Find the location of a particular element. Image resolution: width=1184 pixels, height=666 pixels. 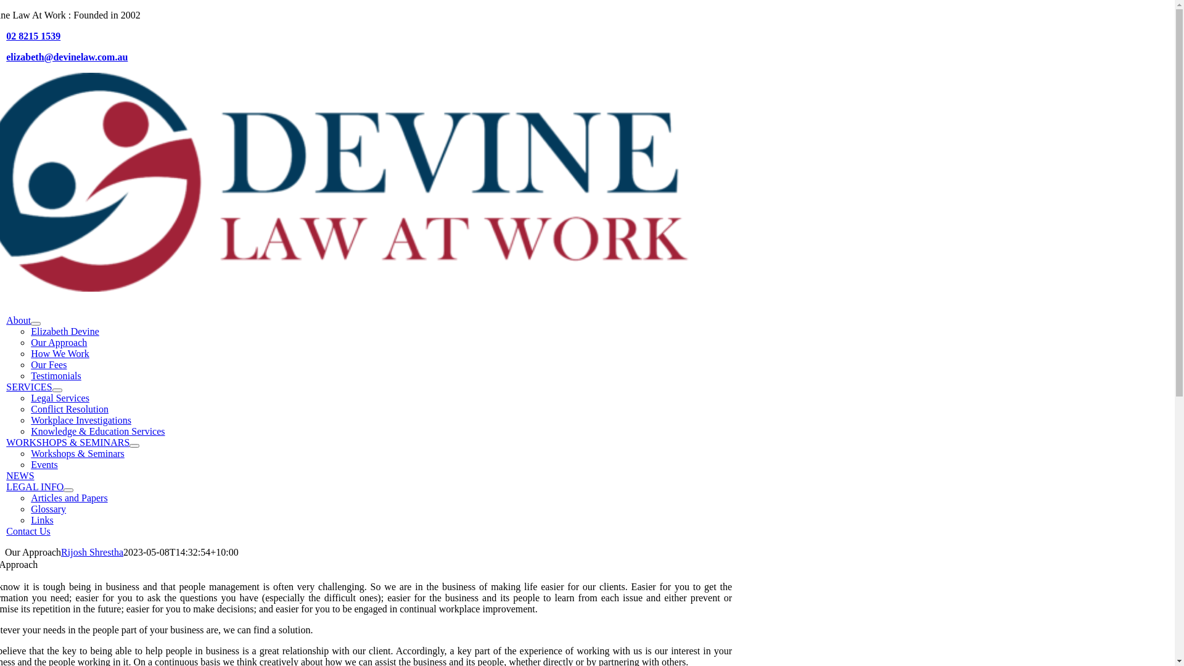

'Elizabeth Devine' is located at coordinates (64, 331).